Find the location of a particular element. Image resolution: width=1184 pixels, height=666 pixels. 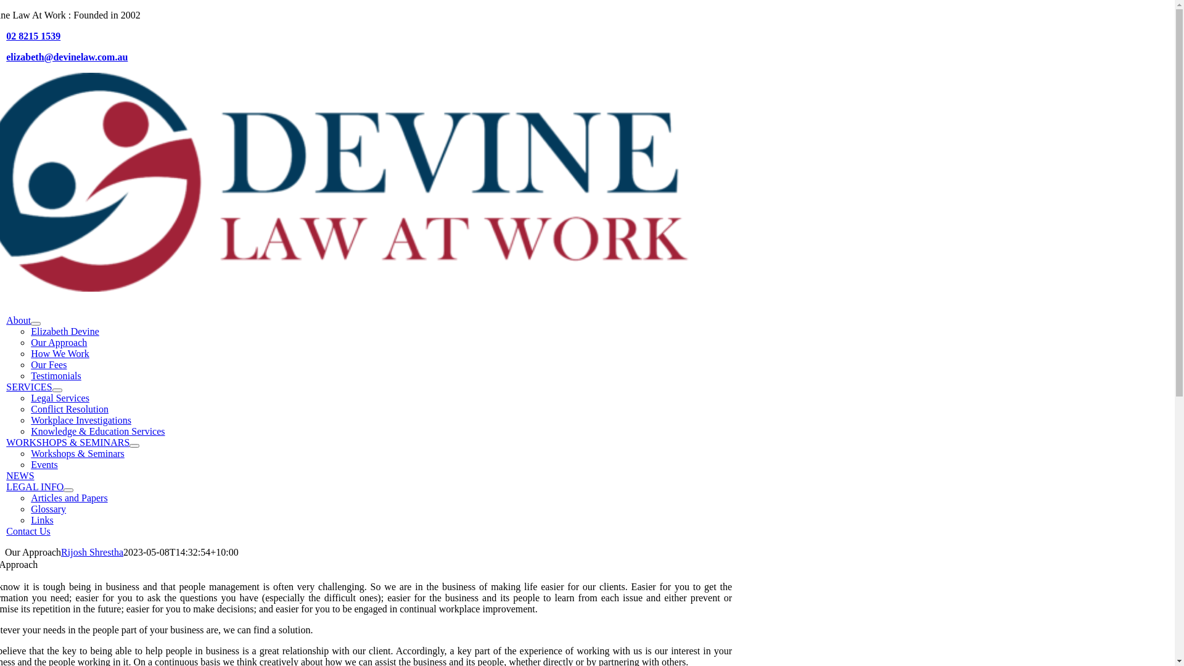

'Elizabeth Devine' is located at coordinates (64, 331).